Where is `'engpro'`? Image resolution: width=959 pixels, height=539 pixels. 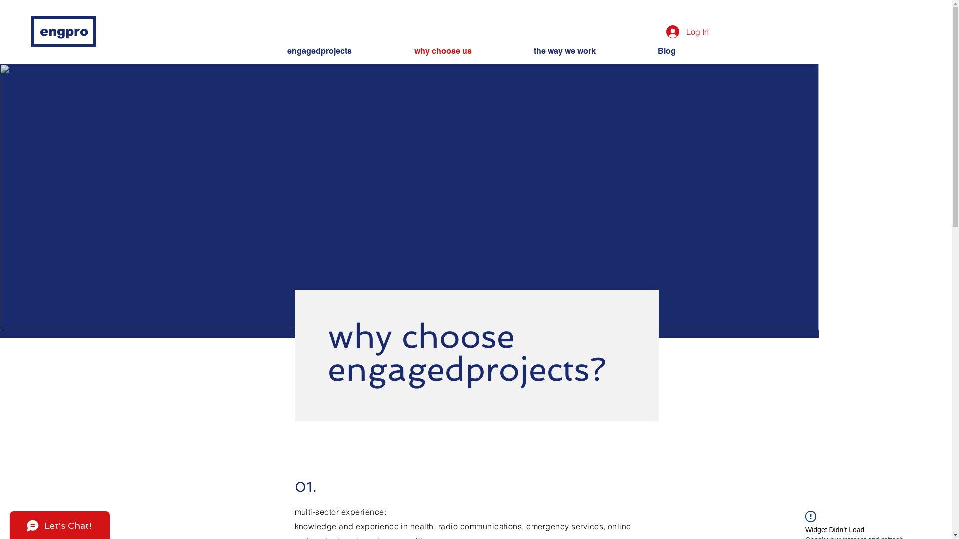 'engpro' is located at coordinates (63, 31).